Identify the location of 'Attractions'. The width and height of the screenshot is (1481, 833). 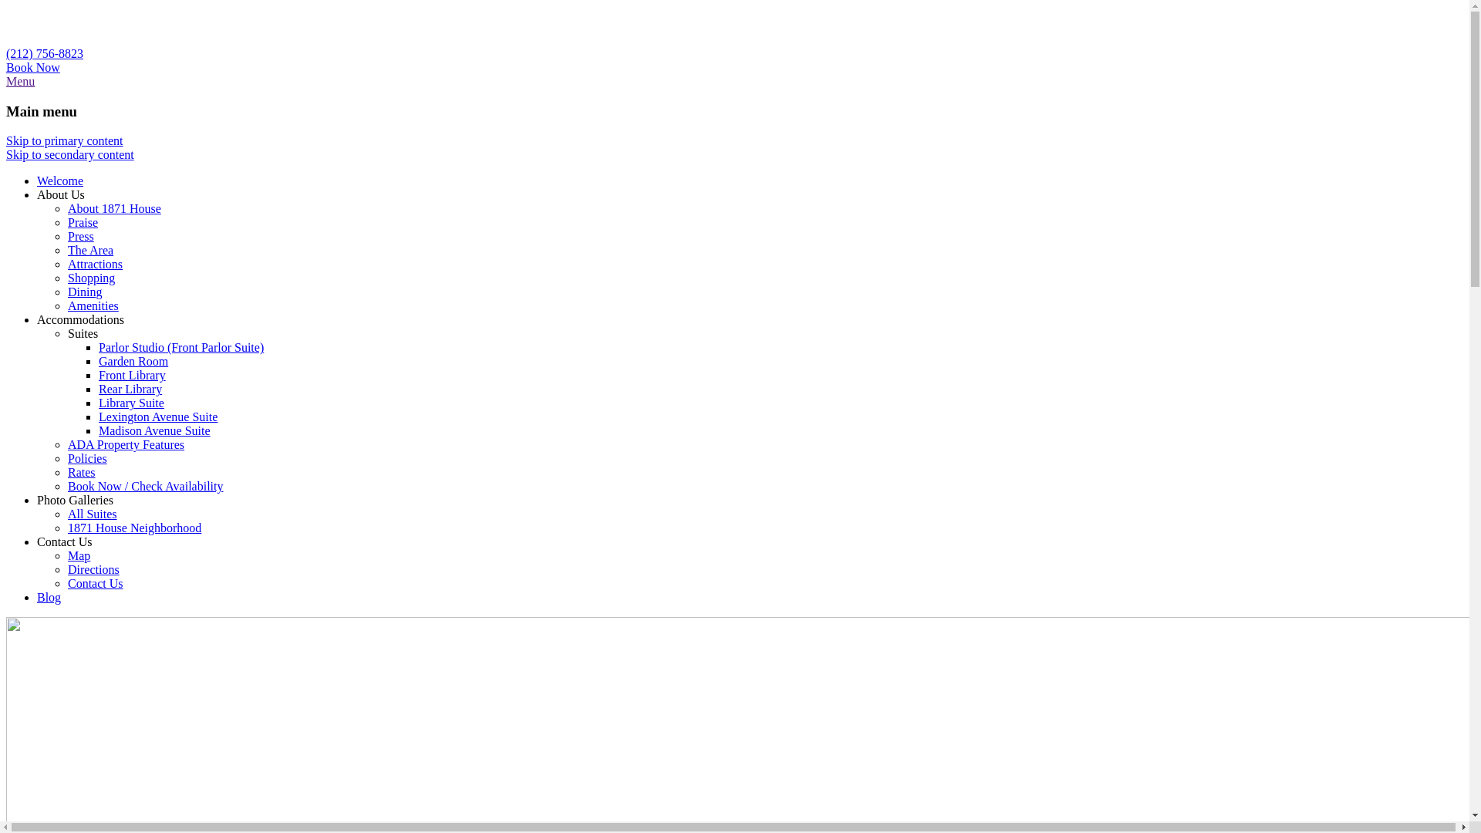
(94, 263).